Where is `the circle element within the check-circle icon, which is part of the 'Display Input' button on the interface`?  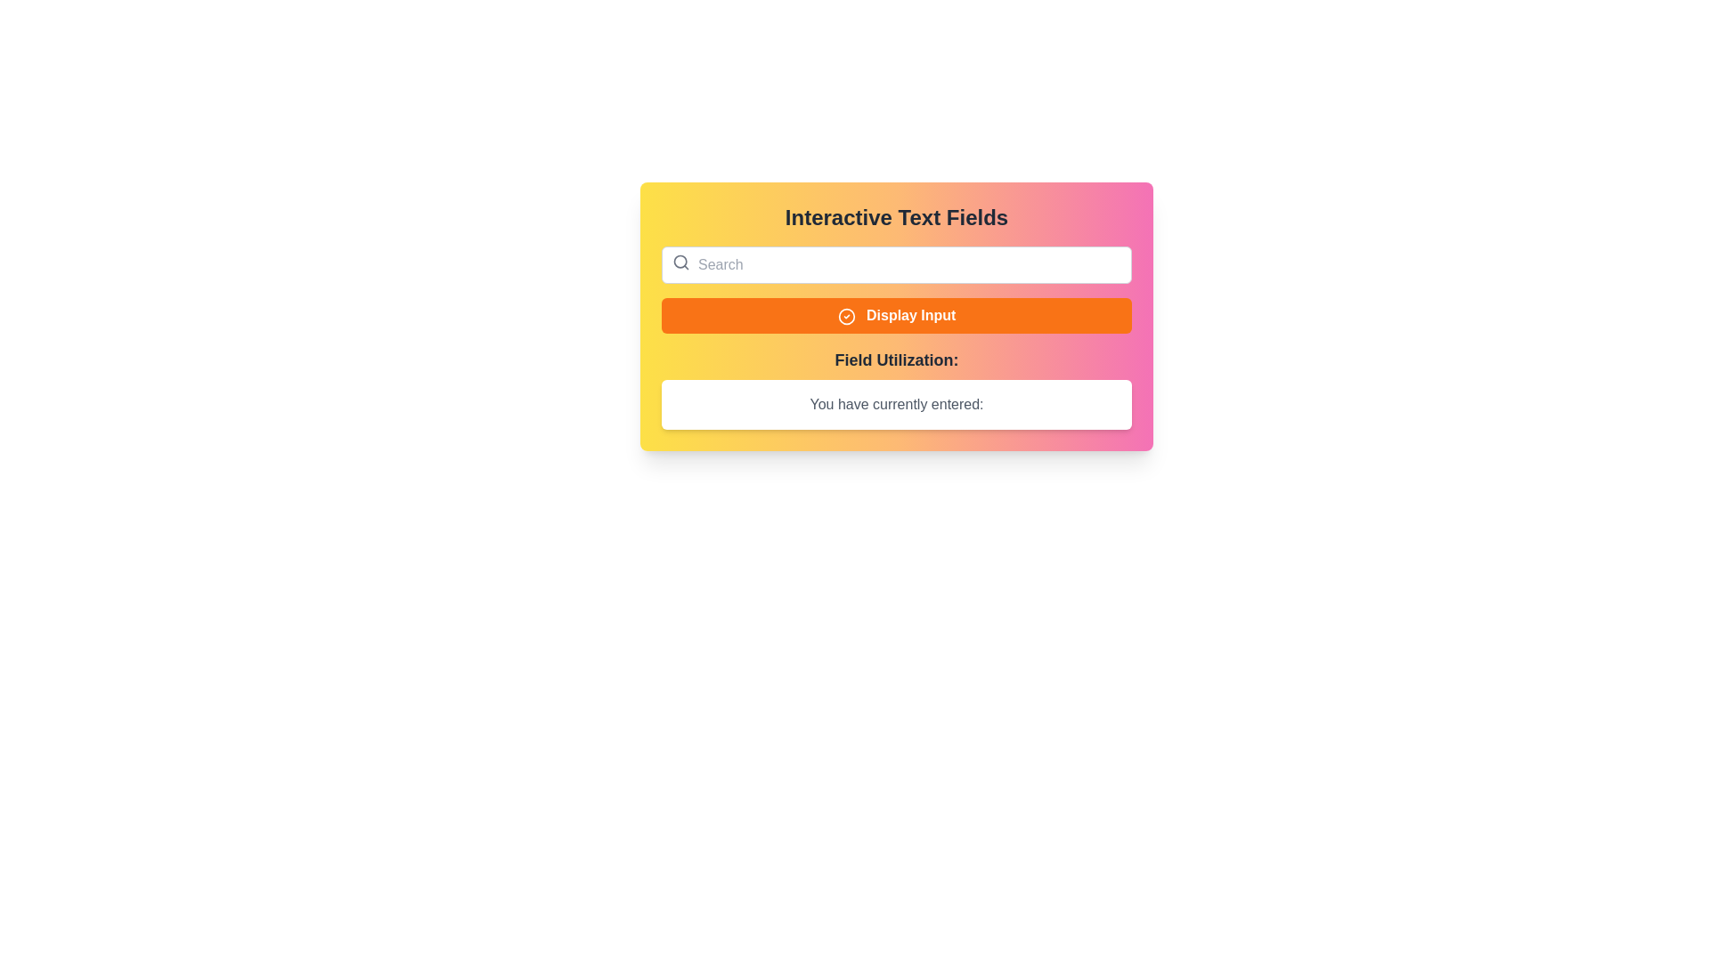 the circle element within the check-circle icon, which is part of the 'Display Input' button on the interface is located at coordinates (845, 315).